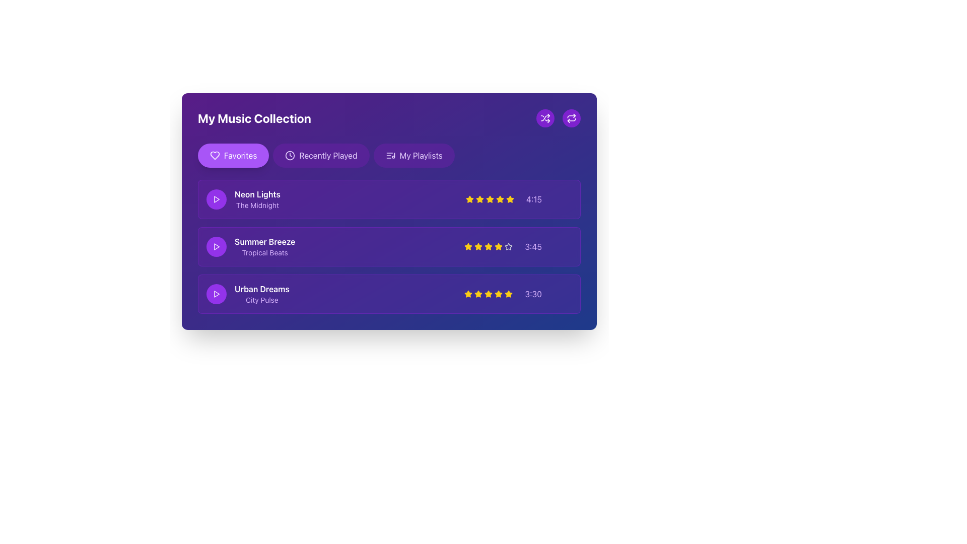 The height and width of the screenshot is (544, 967). What do you see at coordinates (479, 199) in the screenshot?
I see `the third star-shaped icon in the five-star rating system for the 'Neon Lights' song entry` at bounding box center [479, 199].